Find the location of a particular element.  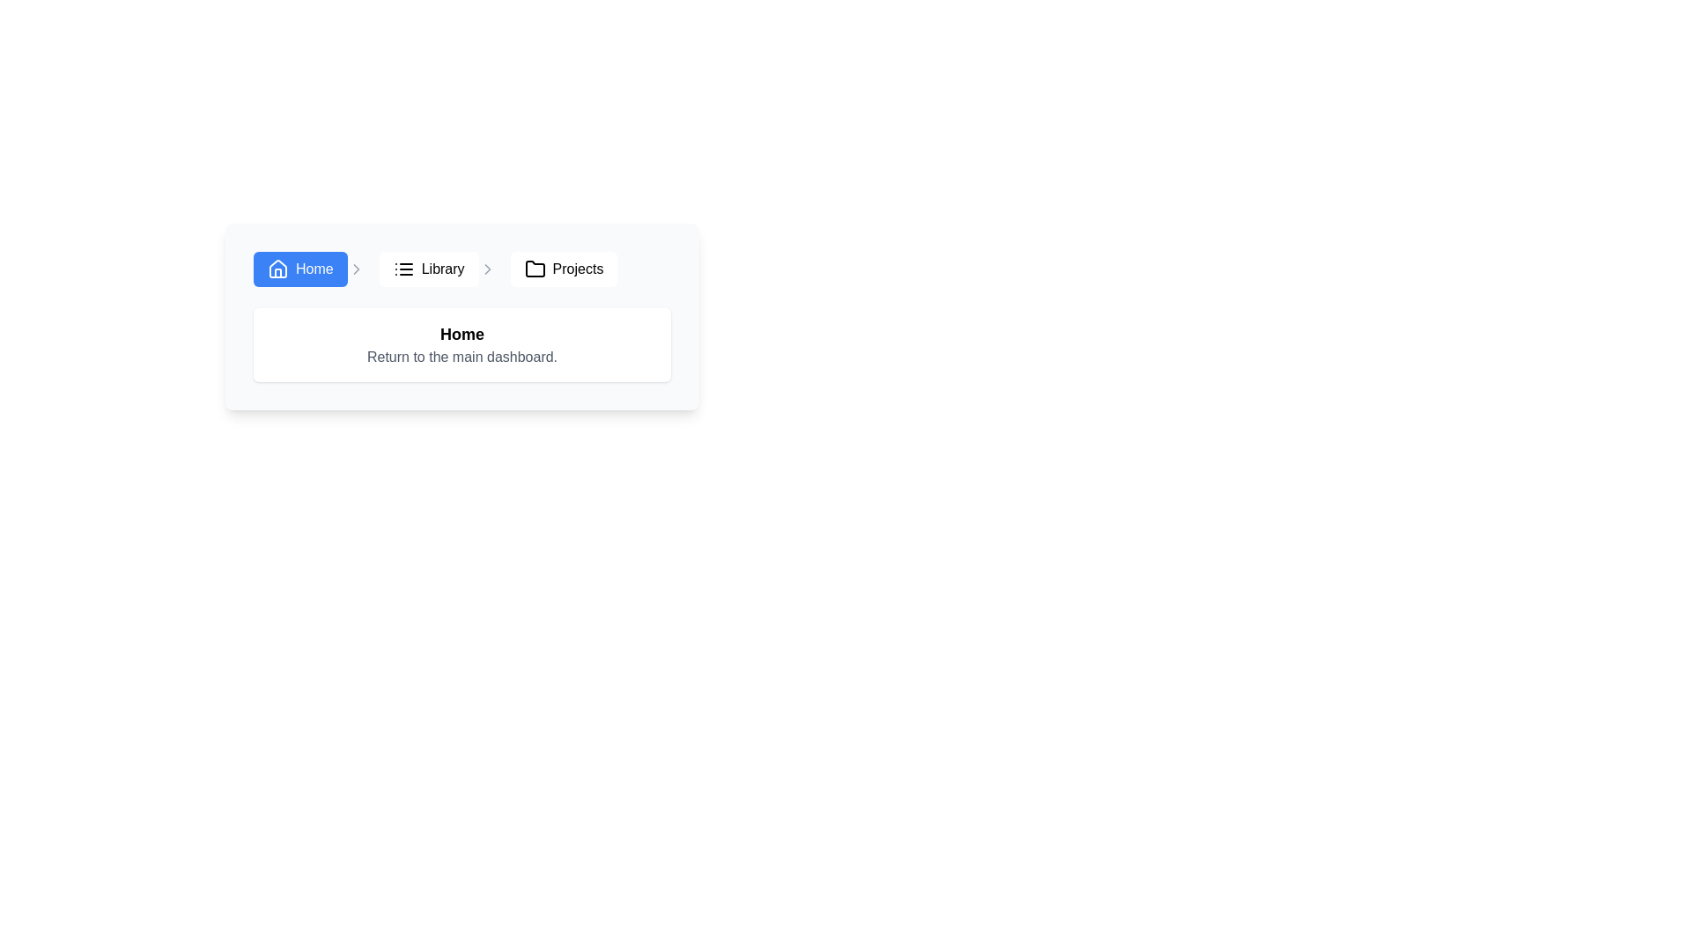

the text label that is part of the navigation button located at the top-left section of the layout is located at coordinates (314, 269).